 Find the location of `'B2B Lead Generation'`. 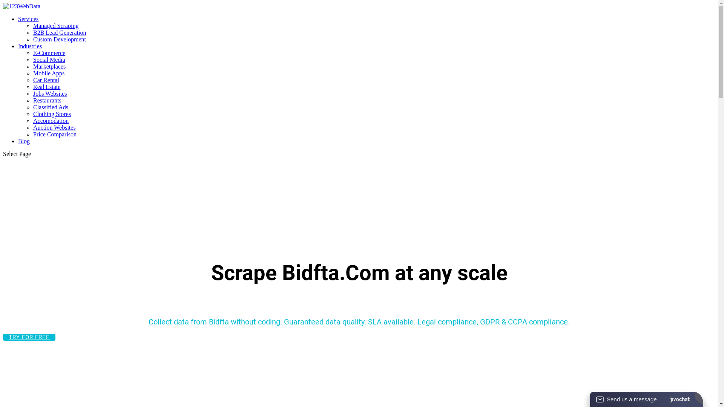

'B2B Lead Generation' is located at coordinates (59, 32).